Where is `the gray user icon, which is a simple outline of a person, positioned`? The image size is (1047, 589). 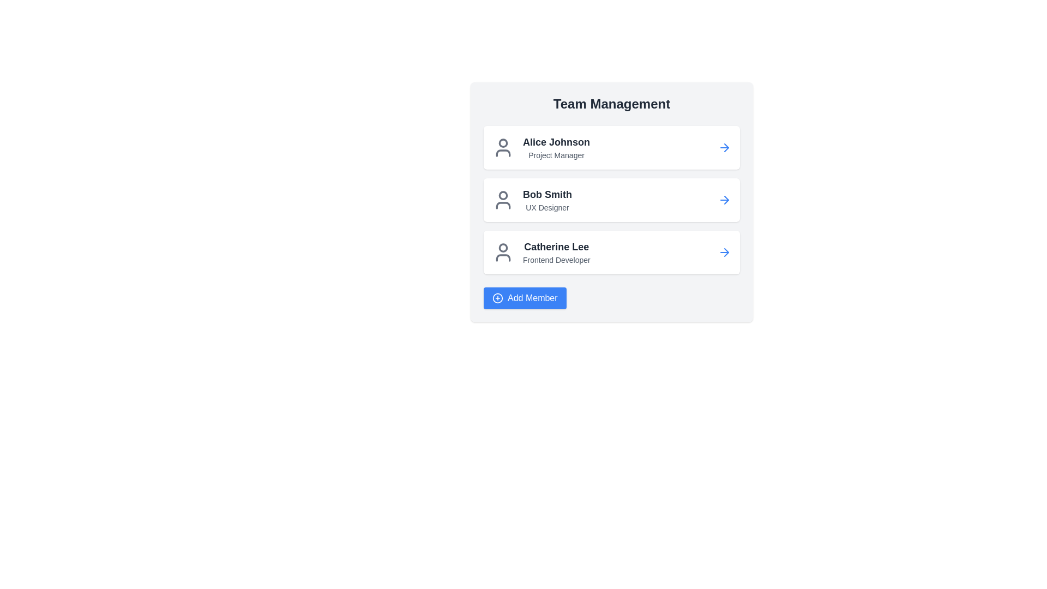 the gray user icon, which is a simple outline of a person, positioned is located at coordinates (502, 200).